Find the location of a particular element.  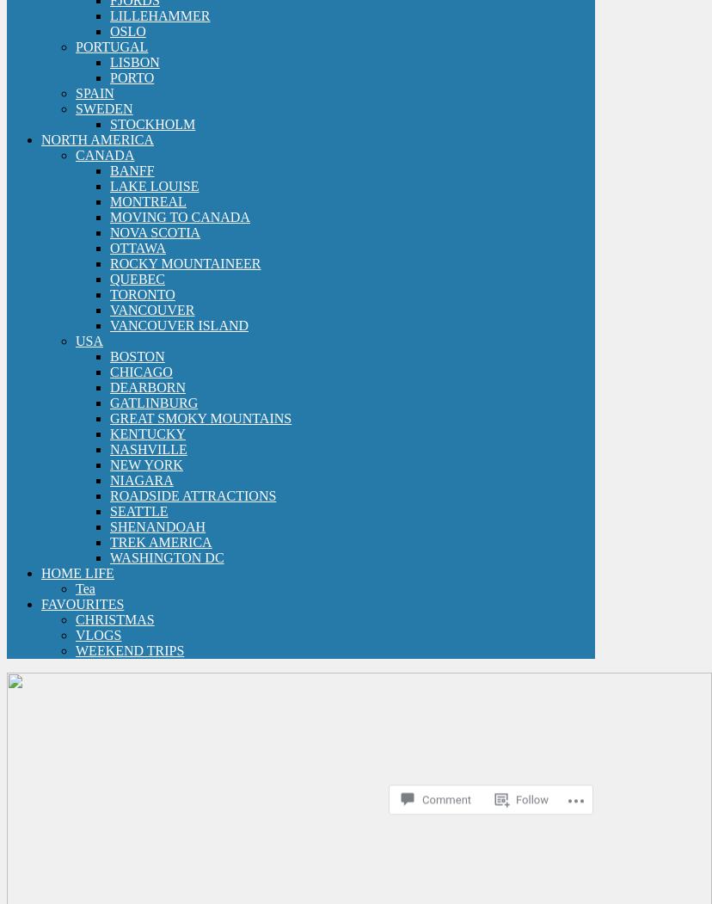

'NEW YORK' is located at coordinates (145, 463).